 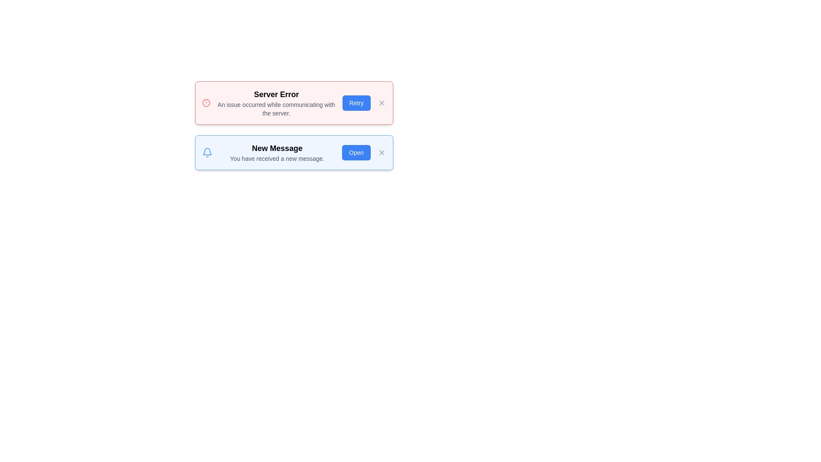 What do you see at coordinates (277, 148) in the screenshot?
I see `text label displaying 'New Message' which is bold and medium-large sized, positioned within a light blue notification card below the 'Server Error' notification` at bounding box center [277, 148].